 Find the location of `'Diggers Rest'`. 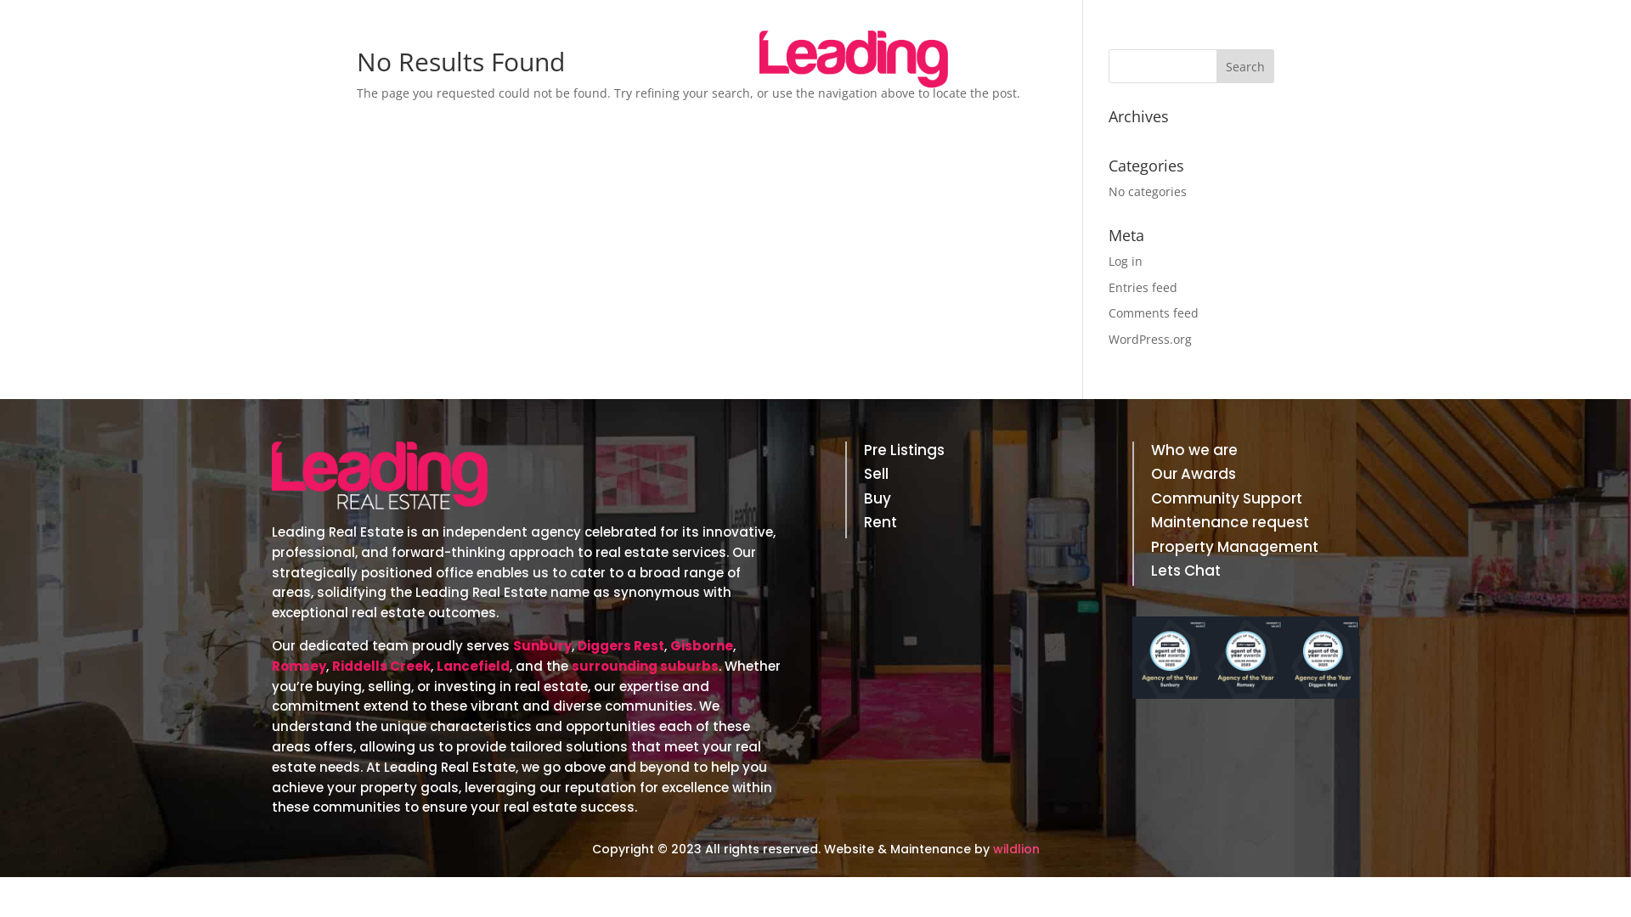

'Diggers Rest' is located at coordinates (619, 645).